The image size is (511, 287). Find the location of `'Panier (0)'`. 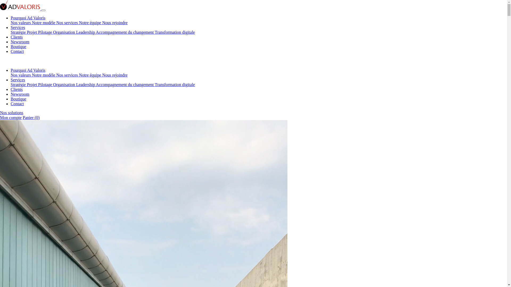

'Panier (0)' is located at coordinates (22, 117).